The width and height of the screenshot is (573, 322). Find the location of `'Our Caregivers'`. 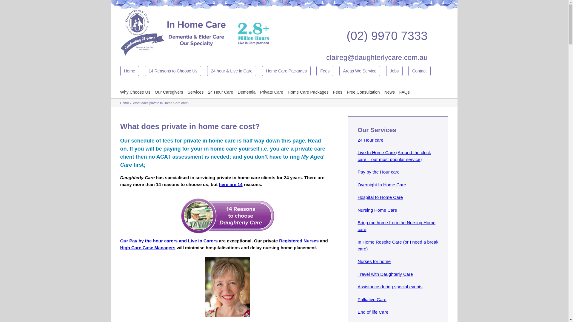

'Our Caregivers' is located at coordinates (169, 92).